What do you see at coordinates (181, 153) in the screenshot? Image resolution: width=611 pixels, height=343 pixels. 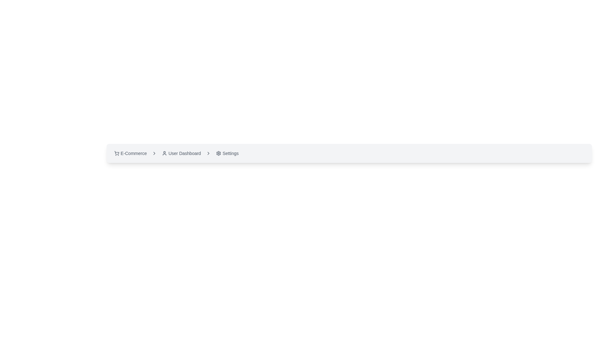 I see `the 'User Dashboard' button, which has an icon of a person on the left and is styled with rounded edges` at bounding box center [181, 153].